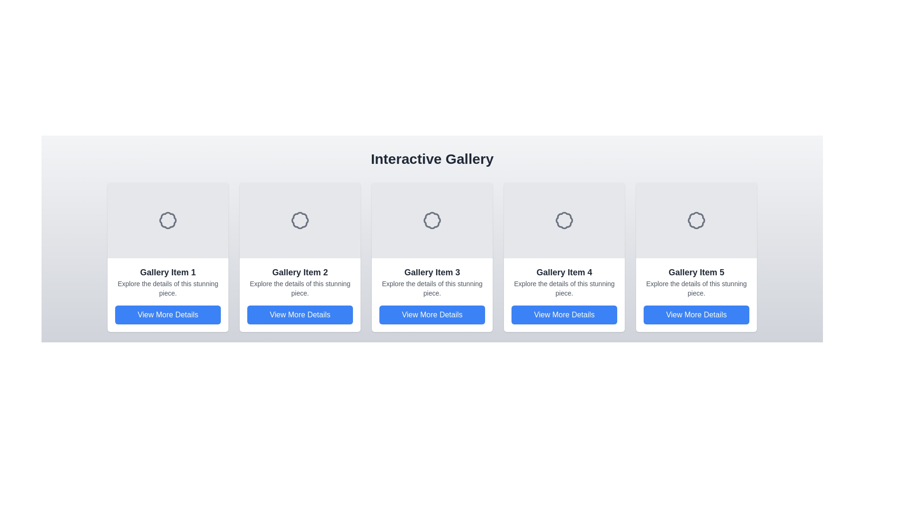 This screenshot has height=510, width=906. I want to click on the blue button labeled 'View More Details' located at the bottom of the third card in the gallery, so click(432, 315).